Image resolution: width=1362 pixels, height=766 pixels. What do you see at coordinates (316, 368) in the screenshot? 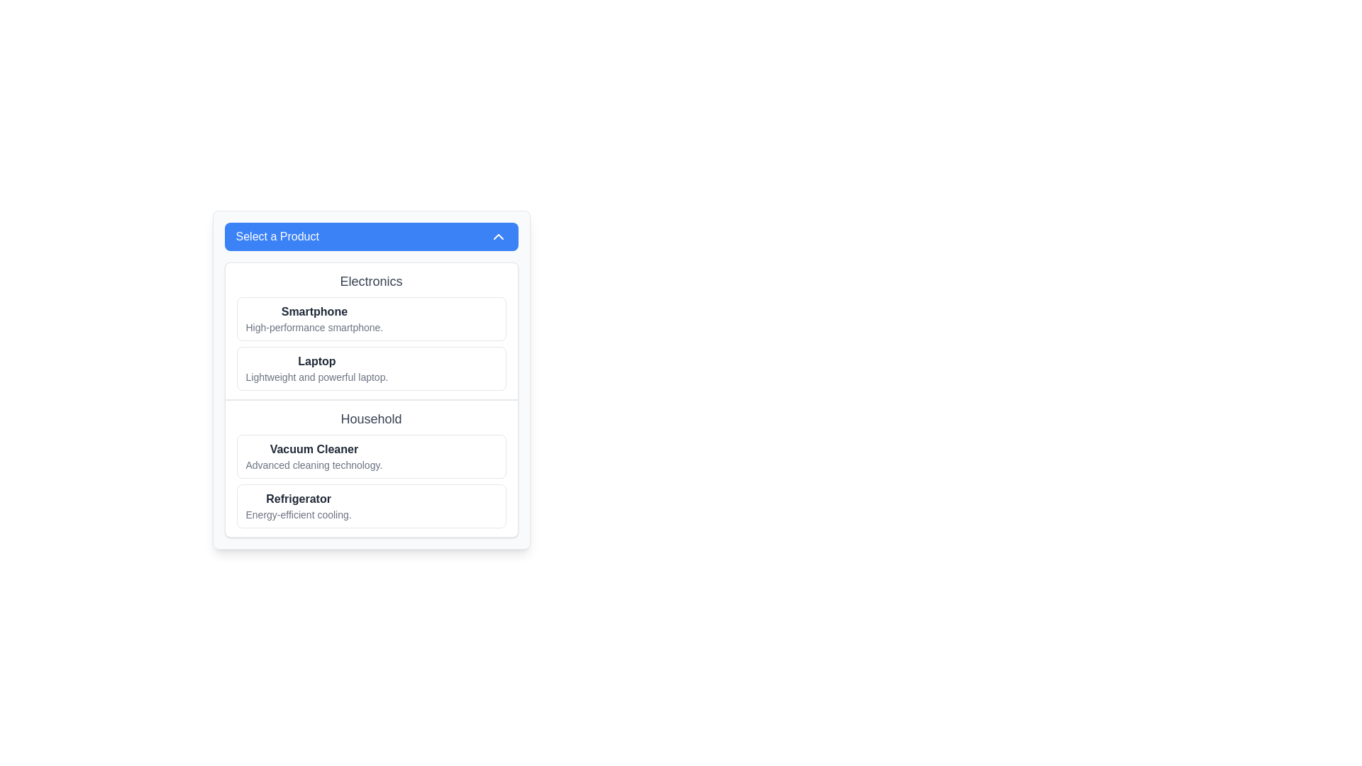
I see `text content of the laptop product display text block, which is the second item in the Electronics category list` at bounding box center [316, 368].